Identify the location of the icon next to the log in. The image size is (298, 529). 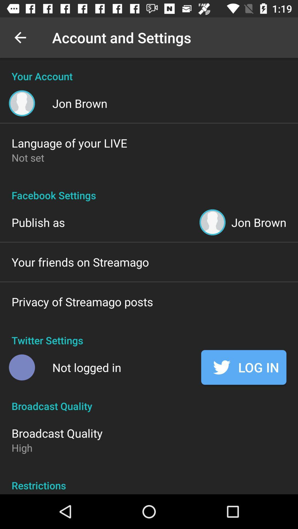
(87, 367).